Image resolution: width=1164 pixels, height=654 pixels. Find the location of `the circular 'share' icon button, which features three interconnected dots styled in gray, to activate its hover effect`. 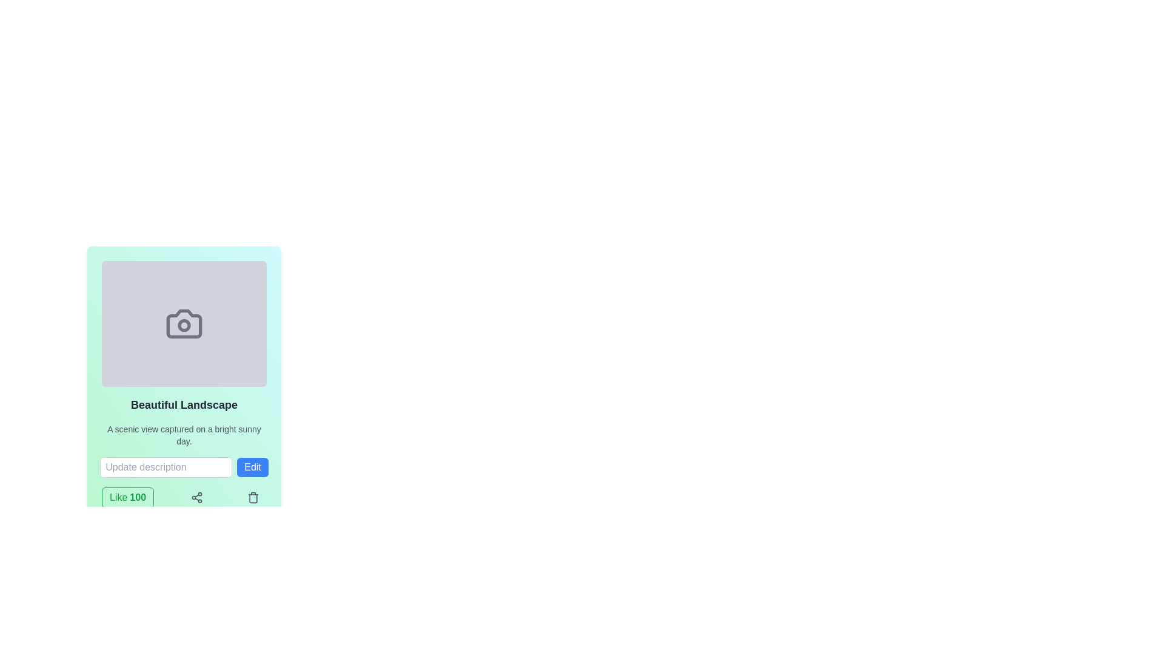

the circular 'share' icon button, which features three interconnected dots styled in gray, to activate its hover effect is located at coordinates (197, 497).